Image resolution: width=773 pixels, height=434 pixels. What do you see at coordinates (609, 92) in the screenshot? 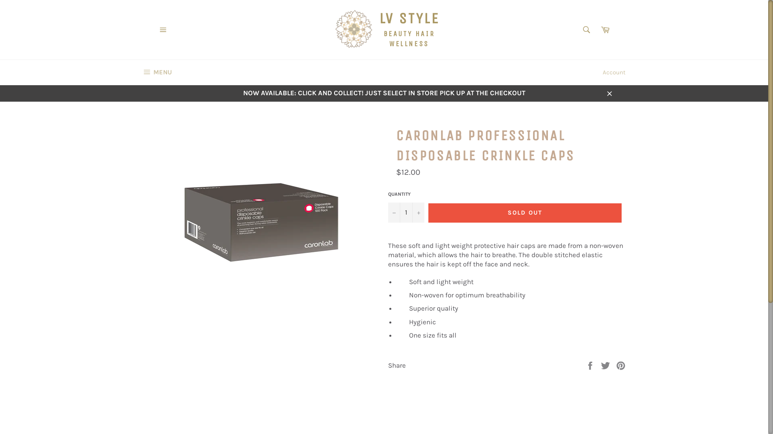
I see `'Close'` at bounding box center [609, 92].